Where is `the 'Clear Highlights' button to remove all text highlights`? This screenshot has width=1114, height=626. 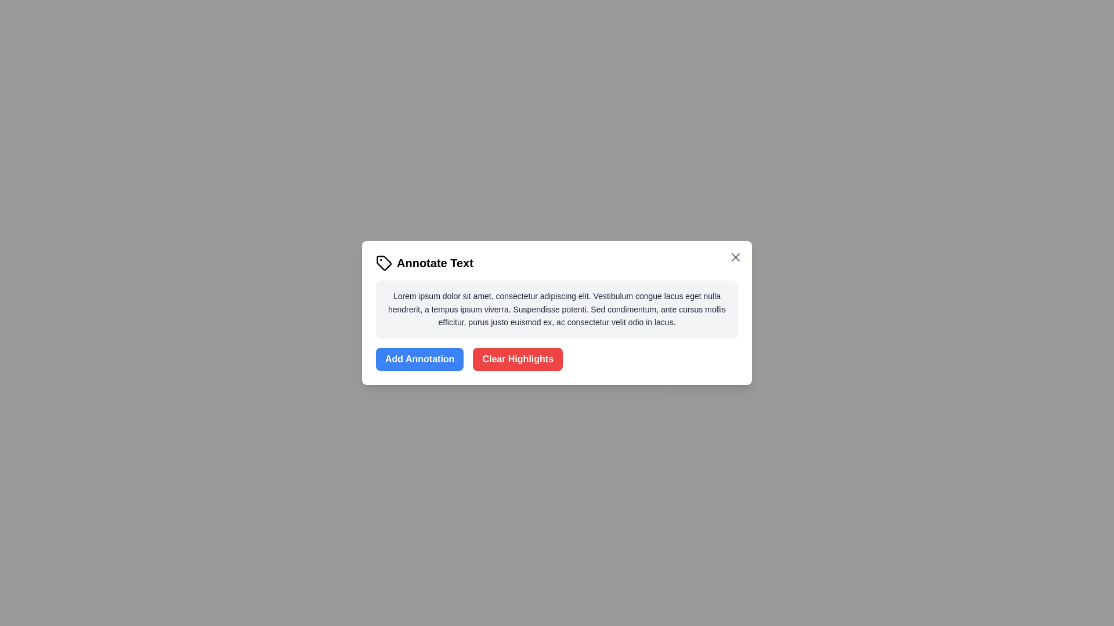
the 'Clear Highlights' button to remove all text highlights is located at coordinates (517, 359).